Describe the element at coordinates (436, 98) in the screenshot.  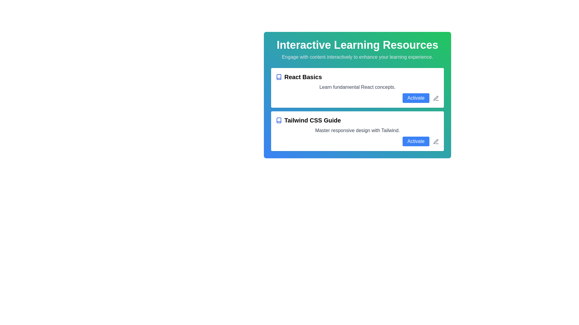
I see `the icon button resembling a pen or edit tool with a gray outline, located beside the 'Activate' button under the 'React Basics' section` at that location.